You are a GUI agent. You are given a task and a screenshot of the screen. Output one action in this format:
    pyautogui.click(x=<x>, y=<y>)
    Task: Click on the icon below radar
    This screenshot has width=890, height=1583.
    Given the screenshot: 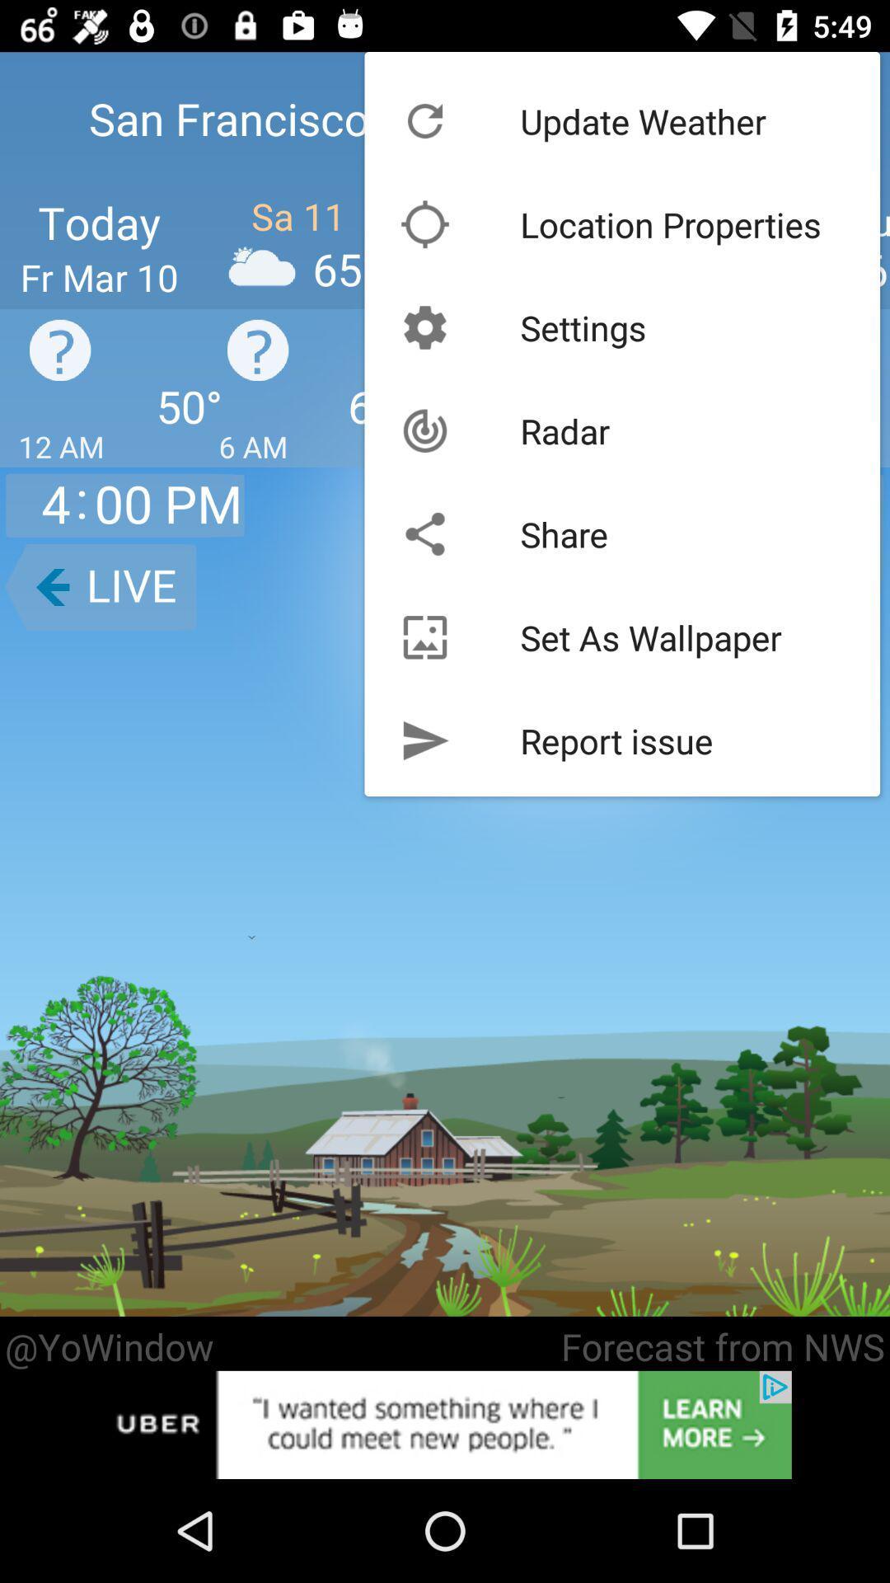 What is the action you would take?
    pyautogui.click(x=563, y=534)
    